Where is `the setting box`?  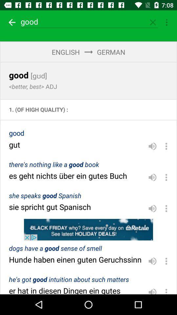
the setting box is located at coordinates (167, 22).